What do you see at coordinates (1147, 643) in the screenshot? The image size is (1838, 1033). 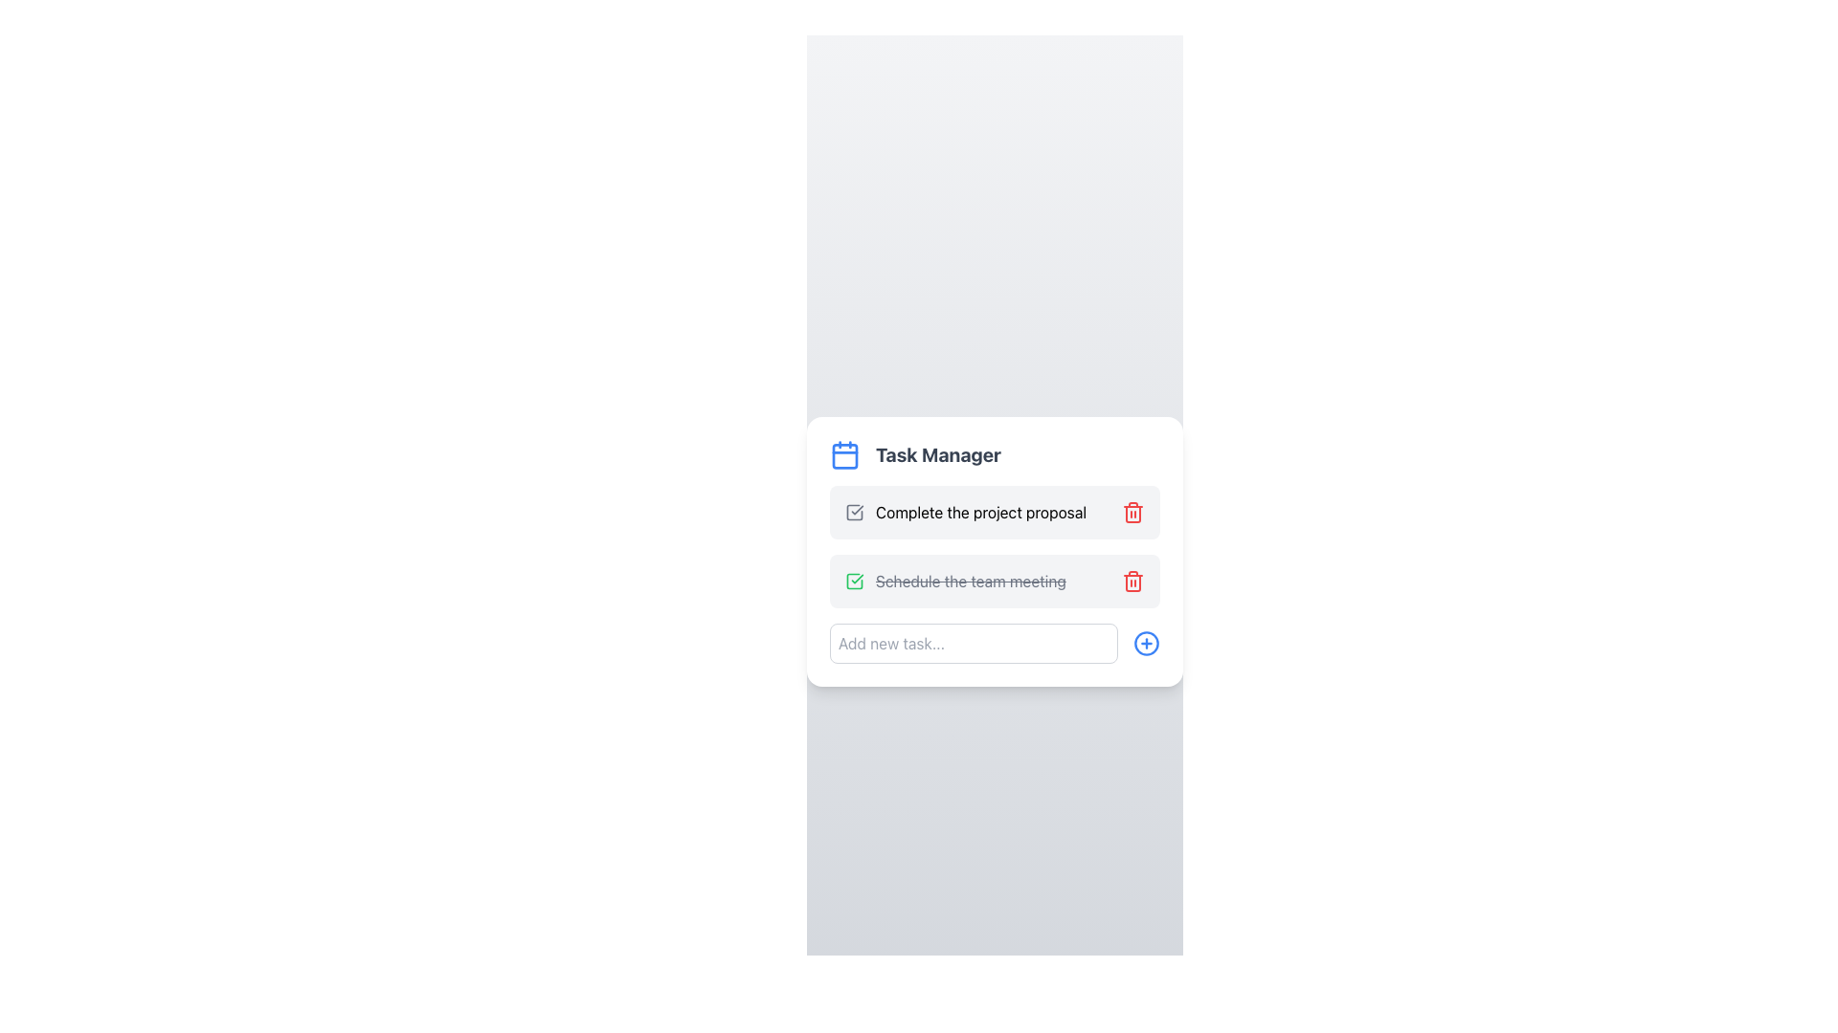 I see `the circular vector graphic with a blue stroke located in the bottom-right corner of the task entry field in the 'Task Manager' card interface` at bounding box center [1147, 643].